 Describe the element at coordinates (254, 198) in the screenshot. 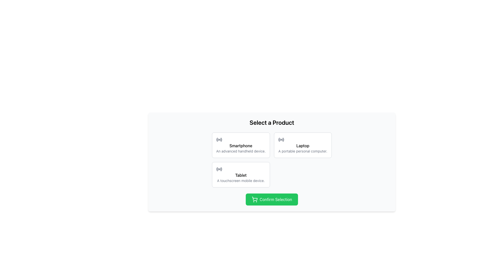

I see `the vector graphic representing the cart, which is the main element of the 'Confirm Selection' button located above the text label` at that location.